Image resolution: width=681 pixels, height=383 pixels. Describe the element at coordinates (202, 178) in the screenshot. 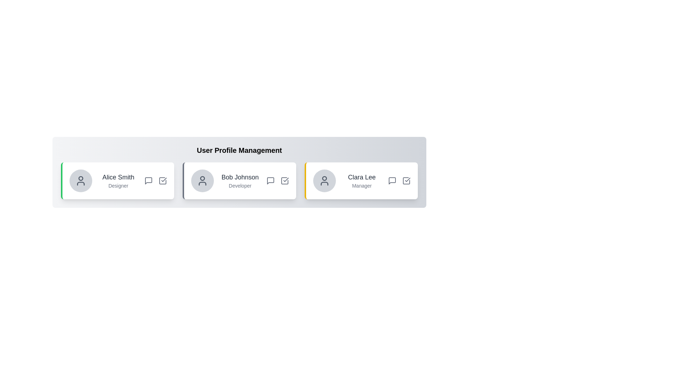

I see `the circular avatar icon representing the user 'Bob Johnson' in the profile management interface` at that location.